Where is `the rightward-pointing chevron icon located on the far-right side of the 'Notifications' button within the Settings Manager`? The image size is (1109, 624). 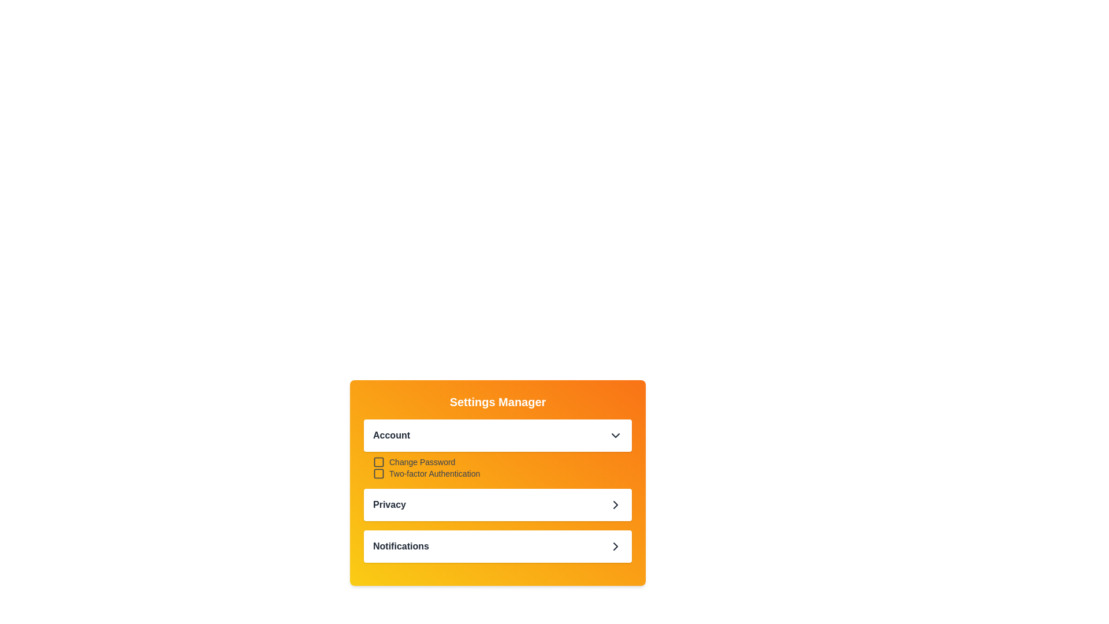
the rightward-pointing chevron icon located on the far-right side of the 'Notifications' button within the Settings Manager is located at coordinates (615, 546).